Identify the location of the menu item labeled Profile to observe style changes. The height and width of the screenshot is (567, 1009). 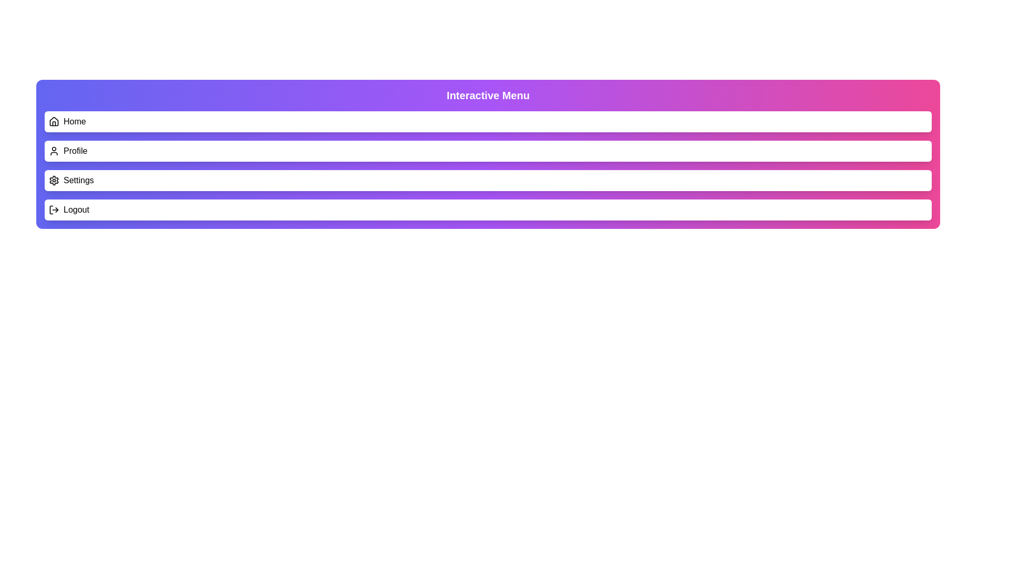
(488, 151).